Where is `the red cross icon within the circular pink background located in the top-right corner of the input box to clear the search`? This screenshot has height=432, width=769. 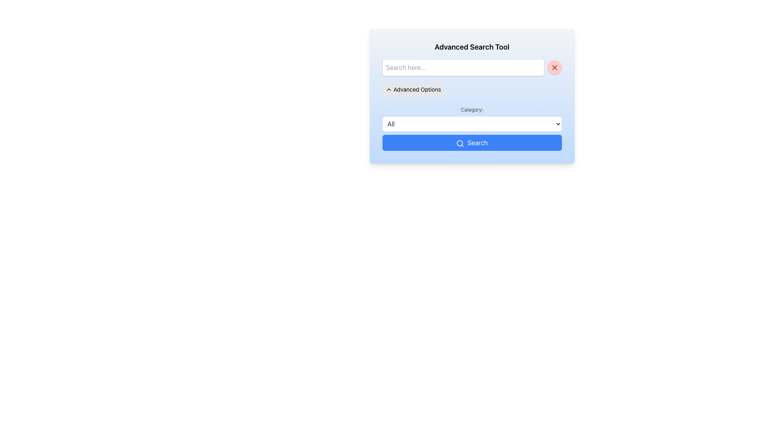
the red cross icon within the circular pink background located in the top-right corner of the input box to clear the search is located at coordinates (554, 67).